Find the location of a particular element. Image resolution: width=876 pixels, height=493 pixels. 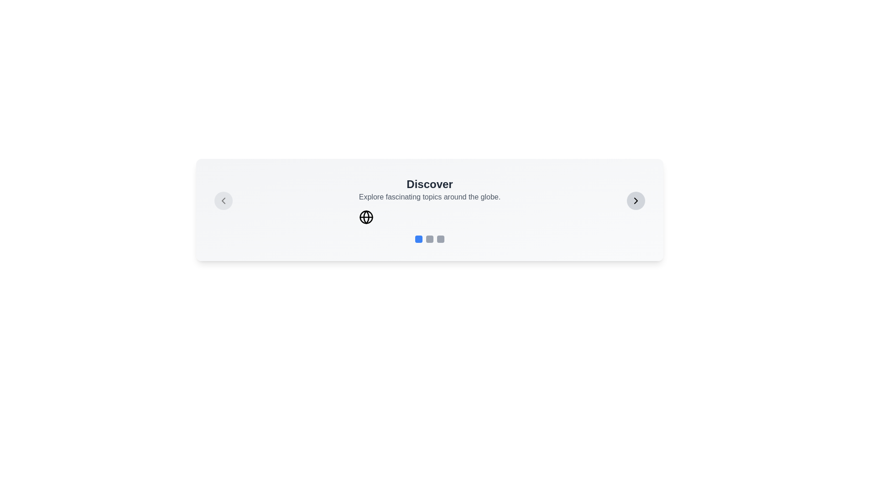

the descriptive text label located below 'Discover' and above the globe icon, which enhances the understanding of the content's theme is located at coordinates (429, 197).